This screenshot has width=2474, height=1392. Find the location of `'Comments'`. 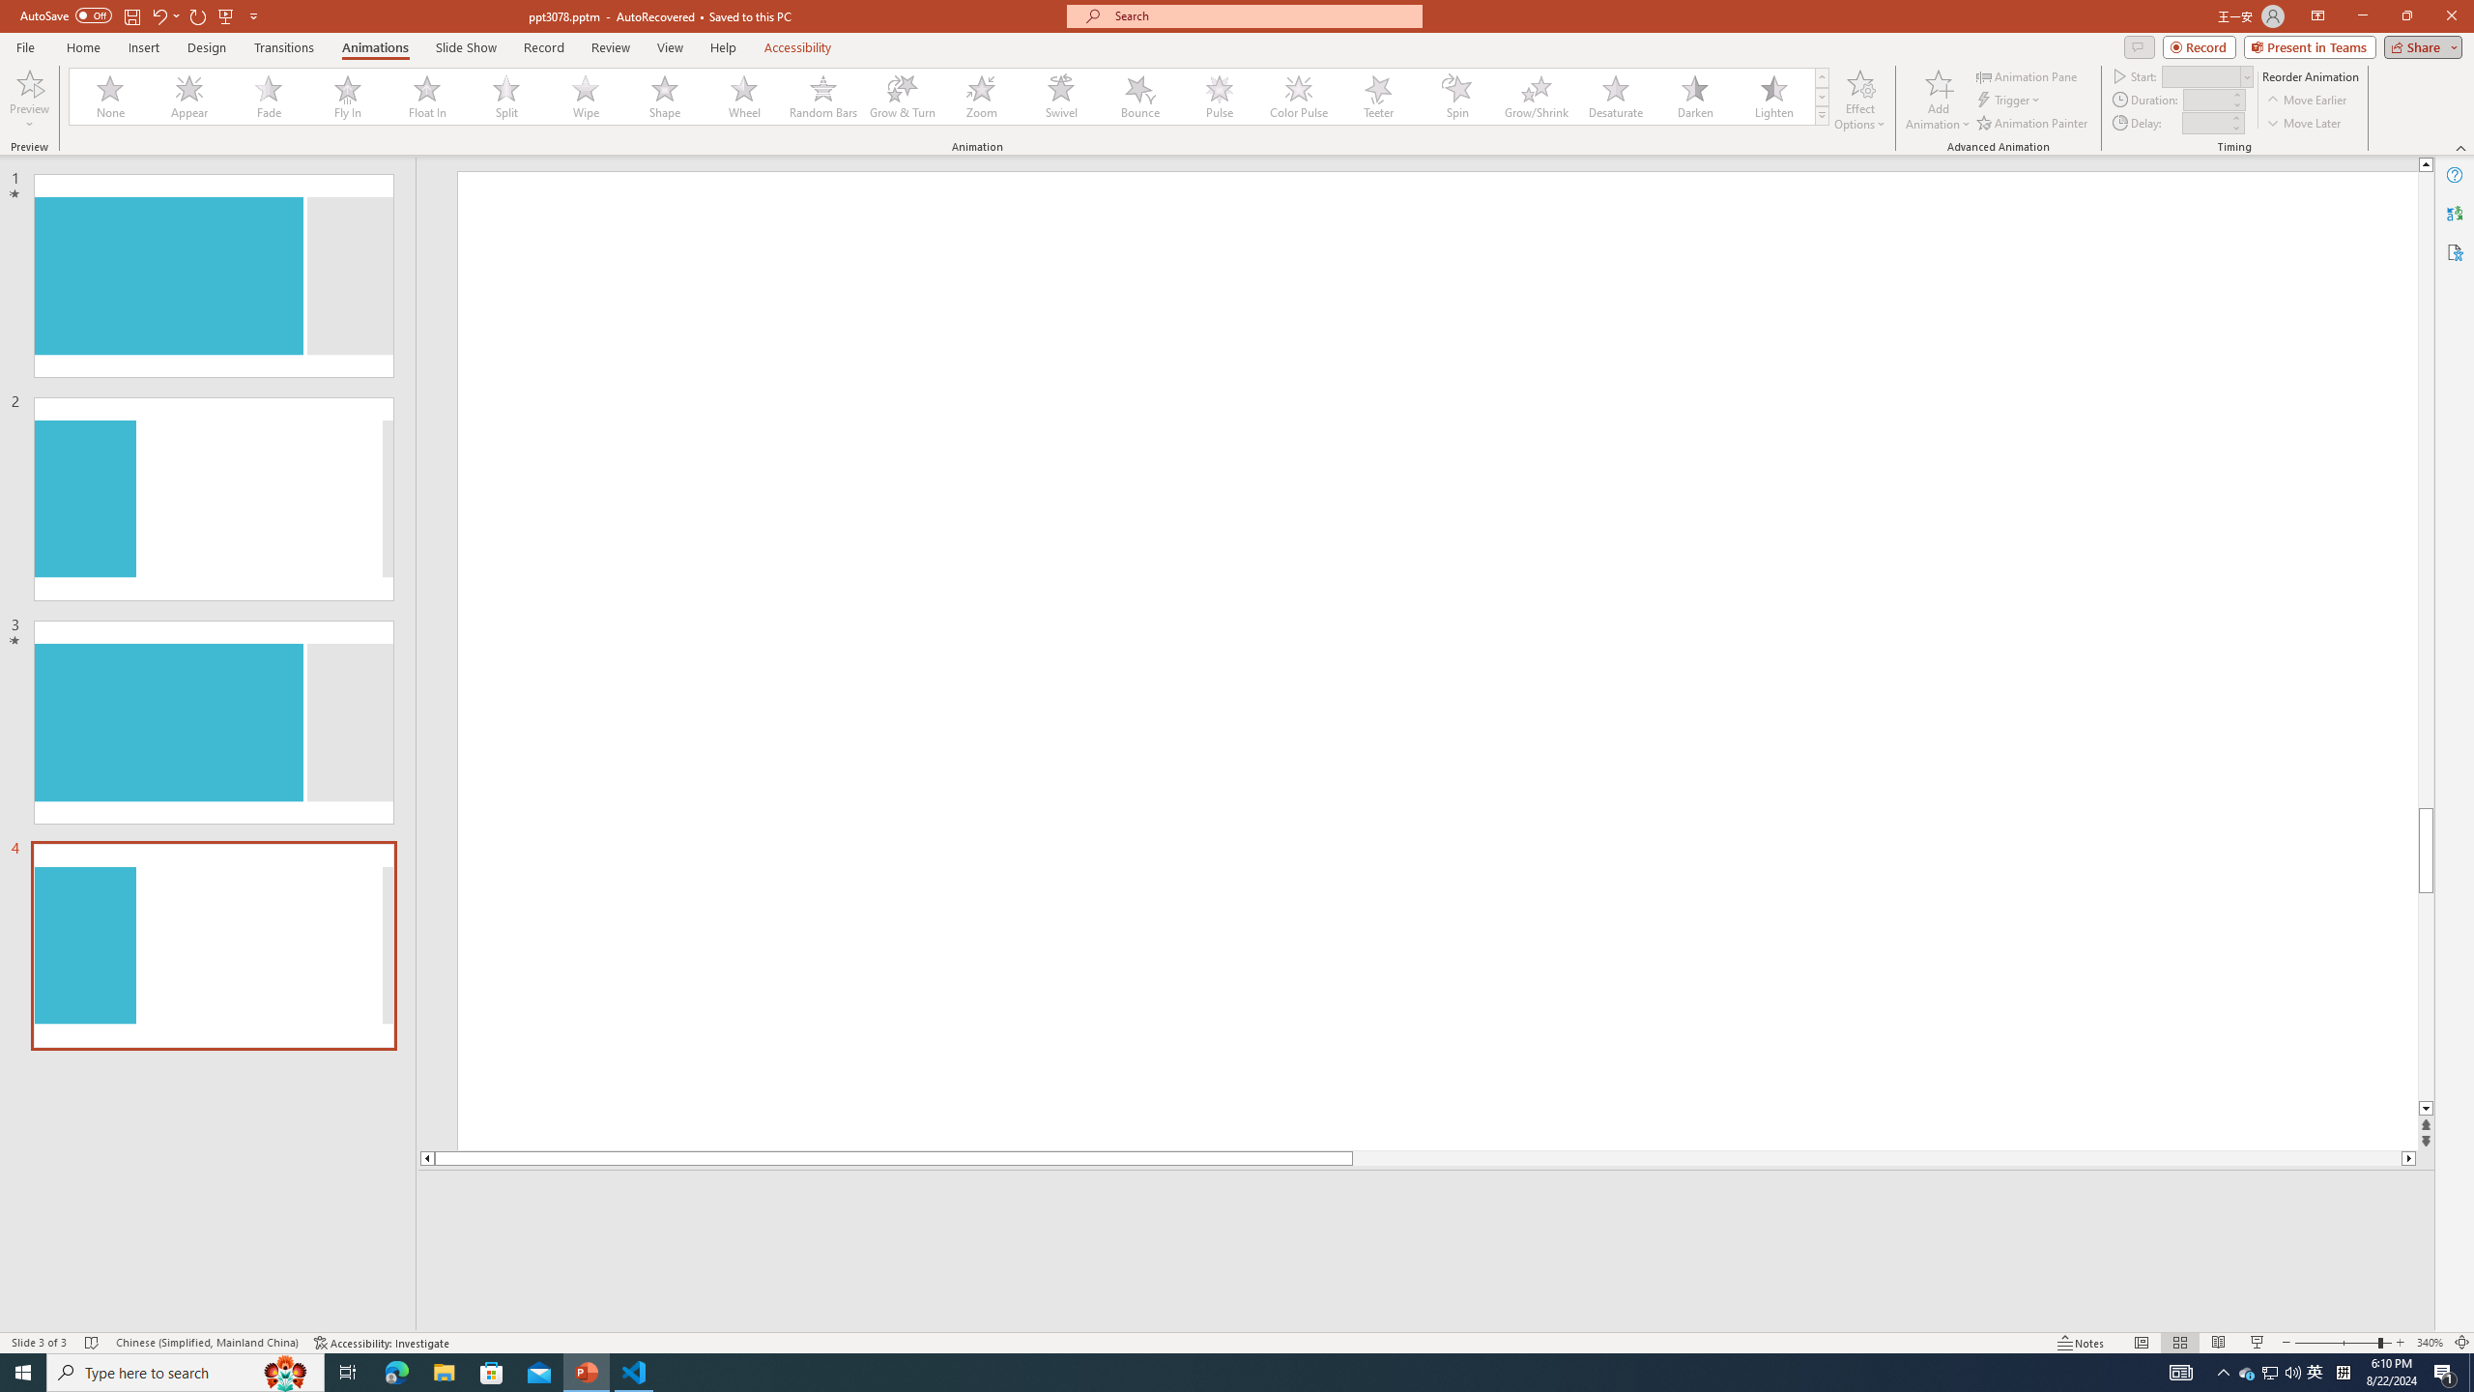

'Comments' is located at coordinates (2139, 45).